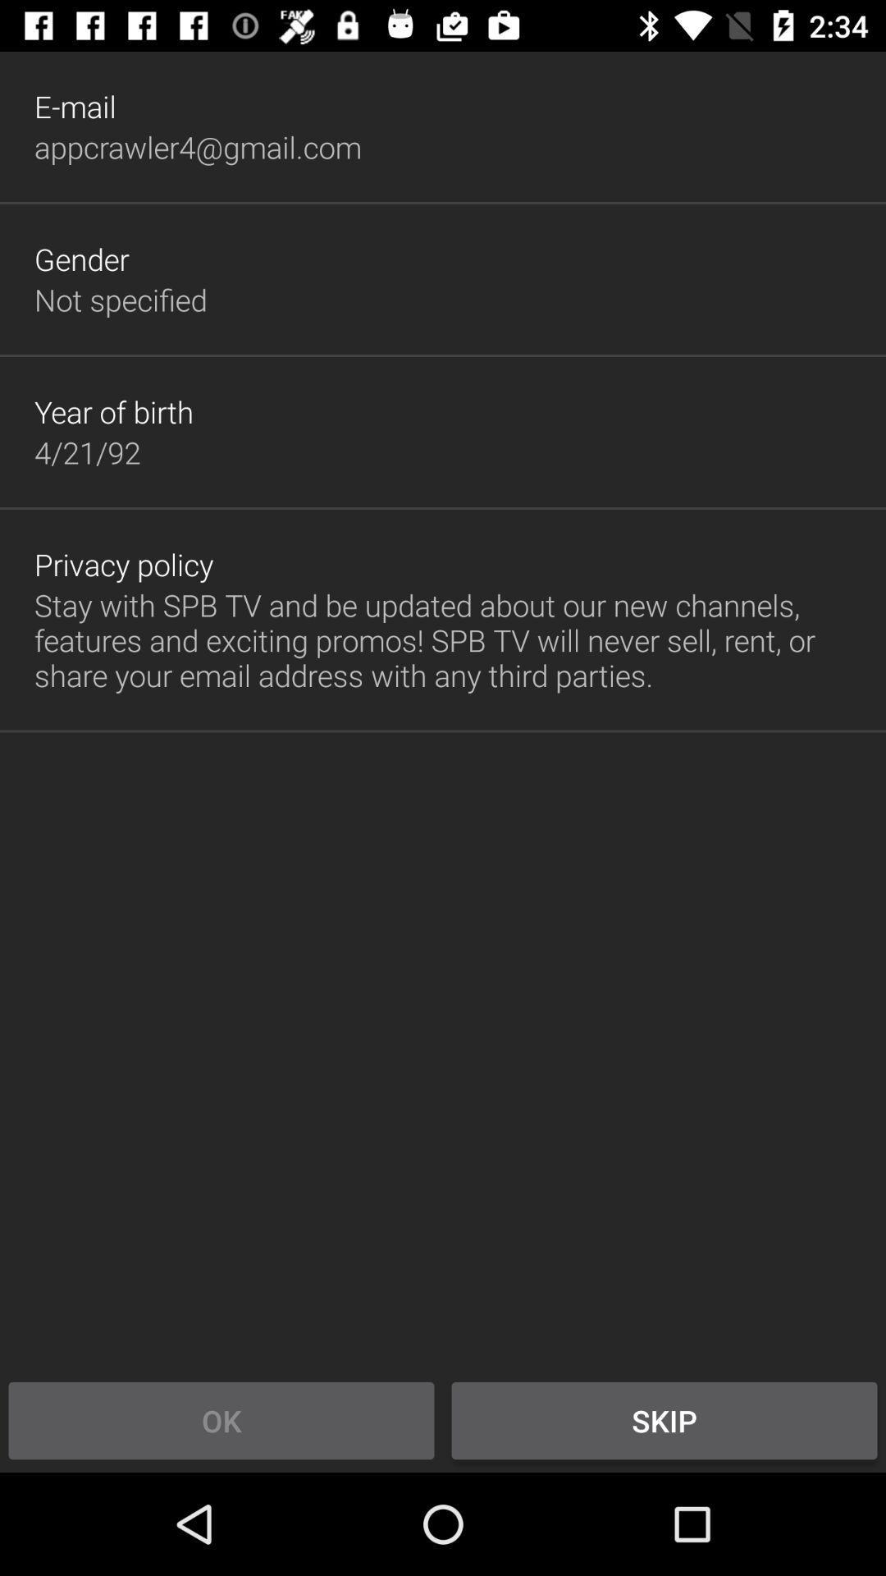 The height and width of the screenshot is (1576, 886). Describe the element at coordinates (443, 639) in the screenshot. I see `button above the ok` at that location.